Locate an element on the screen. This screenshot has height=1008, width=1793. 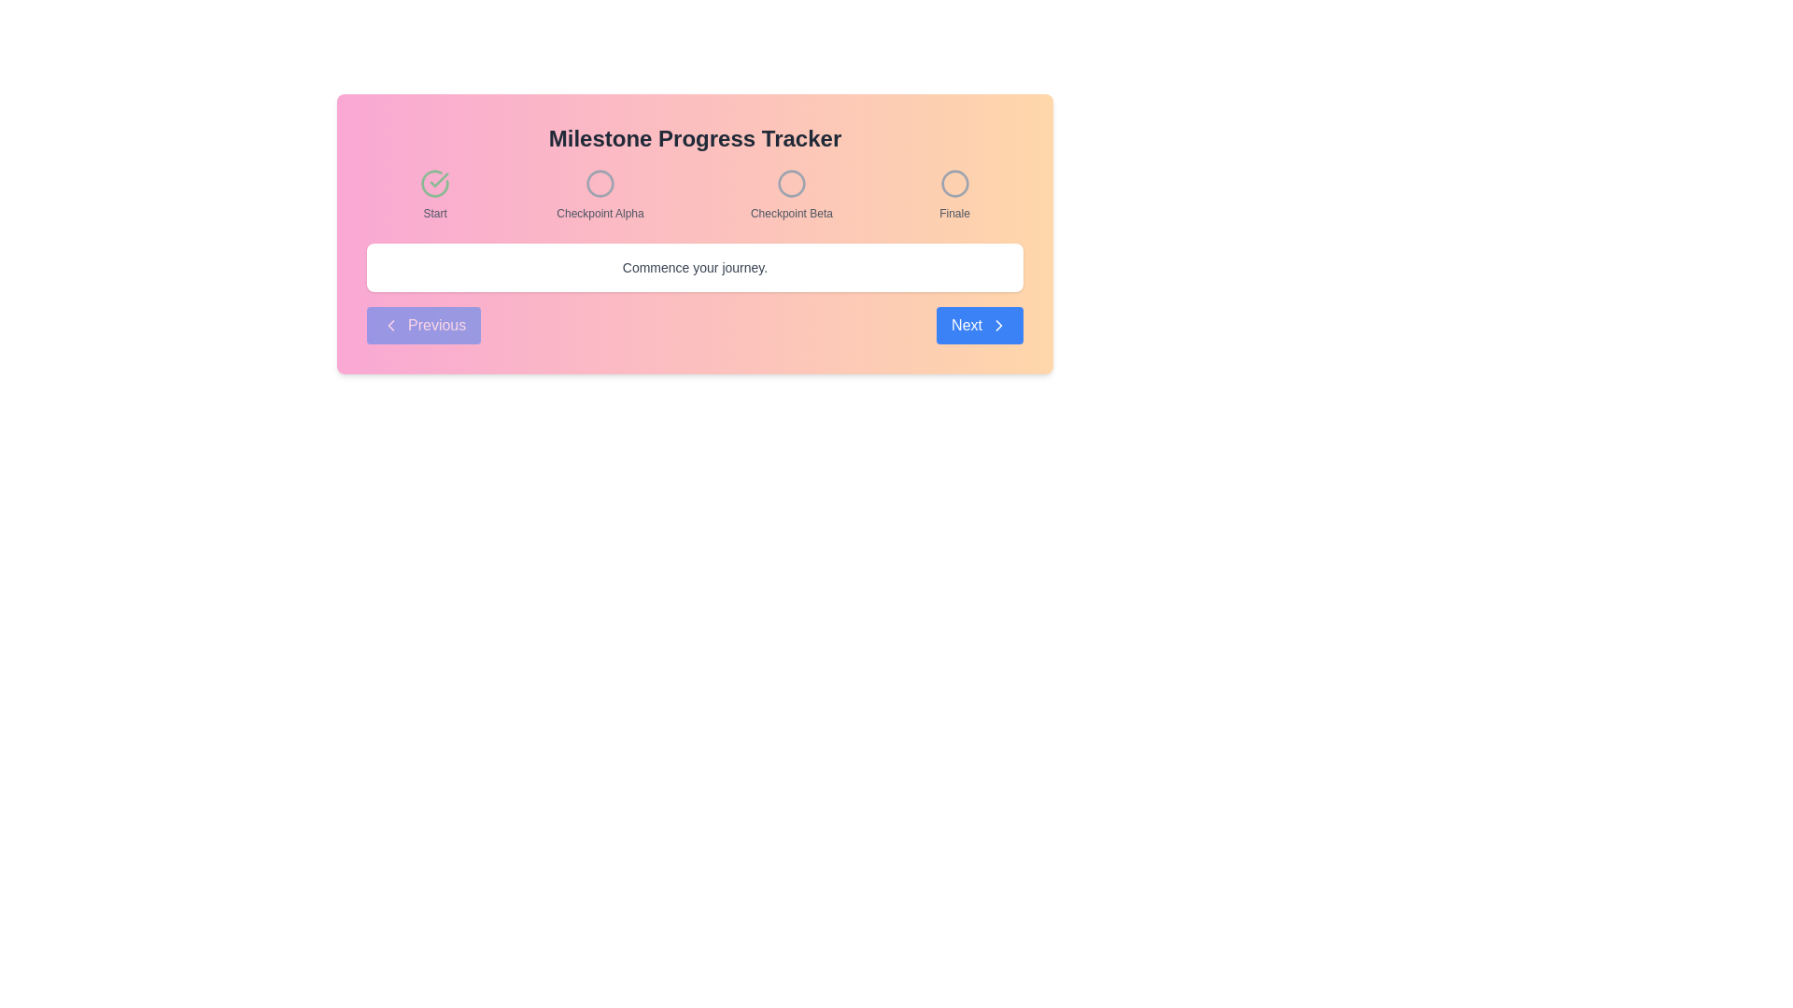
the text label displaying 'Checkpoint Beta', which is styled in a small light gray font and positioned directly below the third circular icon in a progress tracker layout is located at coordinates (791, 212).